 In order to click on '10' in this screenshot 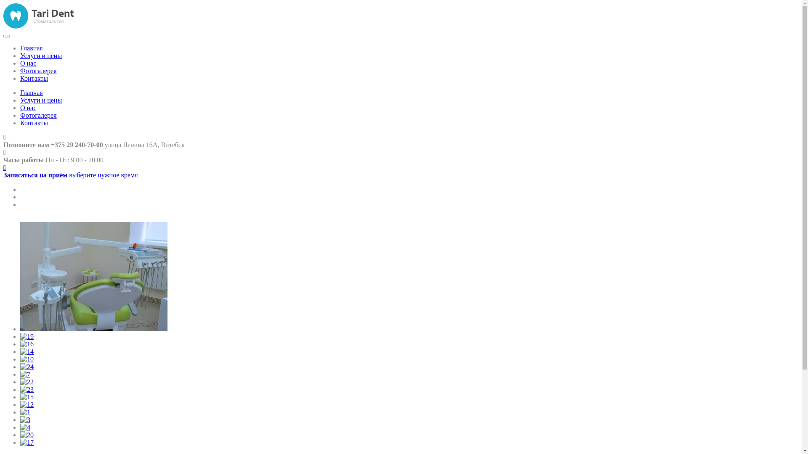, I will do `click(20, 359)`.